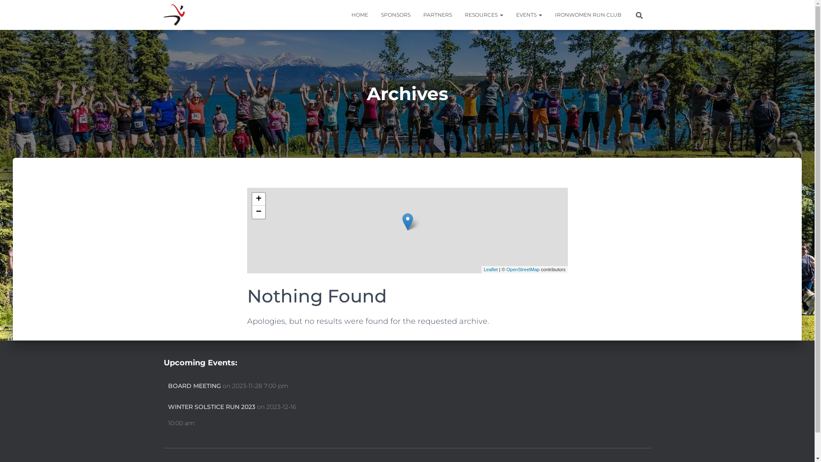  I want to click on 'HOME', so click(359, 15).